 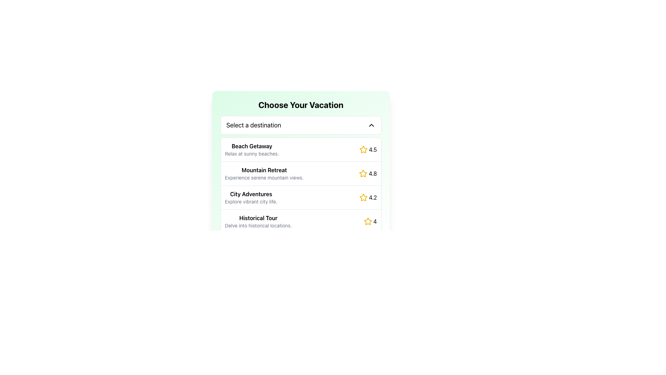 I want to click on the star icon representing the rating for the 'Mountain Retreat' destination, which is visually indicated as the first element in its group, positioned to the left of the numeric rating of 4.8, so click(x=363, y=173).